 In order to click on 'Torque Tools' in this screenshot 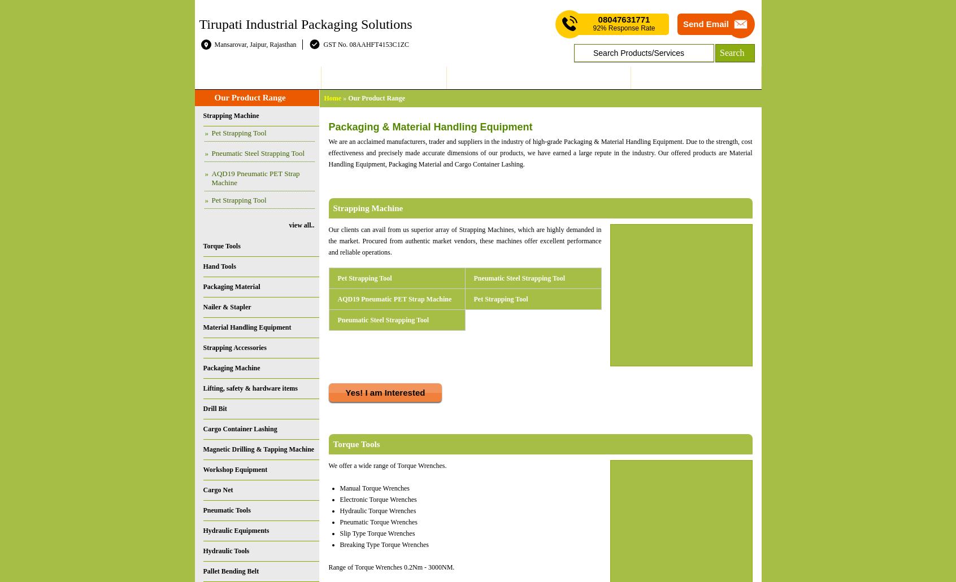, I will do `click(355, 443)`.